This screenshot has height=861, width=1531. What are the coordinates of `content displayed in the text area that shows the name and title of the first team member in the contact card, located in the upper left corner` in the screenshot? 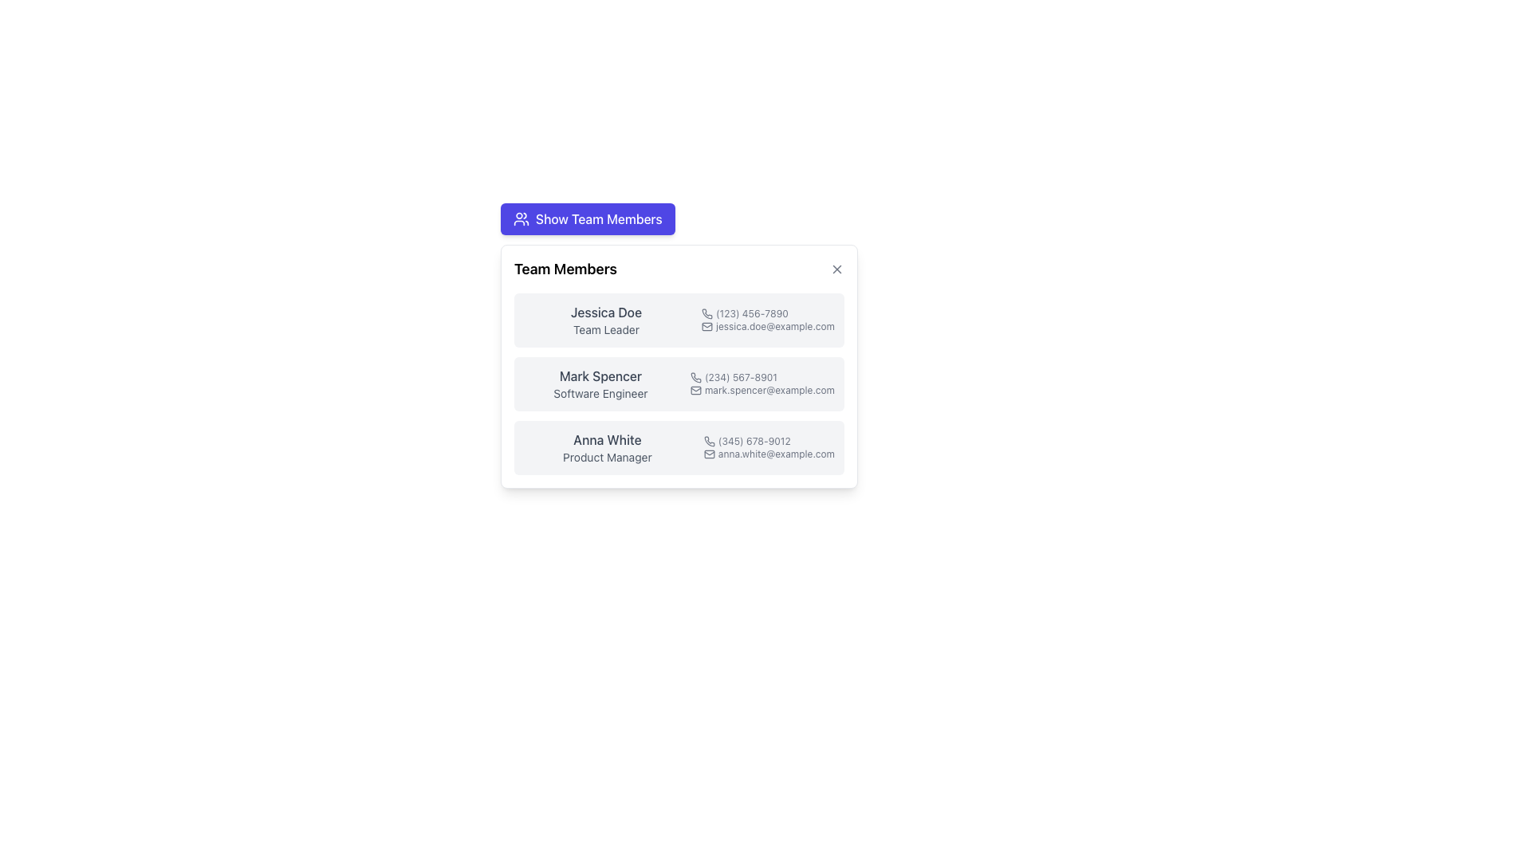 It's located at (605, 320).